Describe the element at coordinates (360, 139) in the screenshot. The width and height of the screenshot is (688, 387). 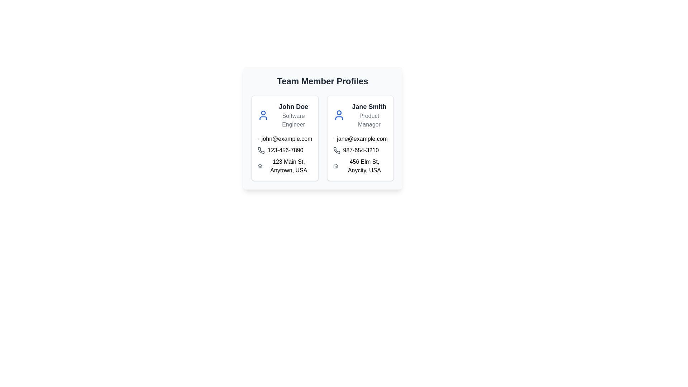
I see `the email address text in the profile card, which is located directly under the user's name and title, and above the phone number` at that location.